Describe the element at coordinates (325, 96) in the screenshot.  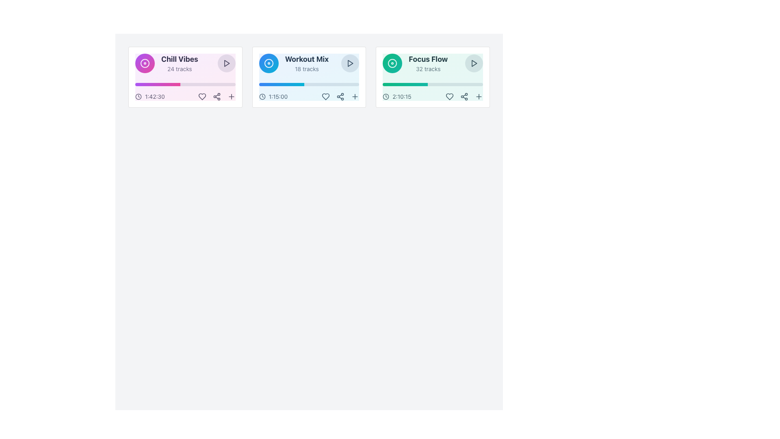
I see `the 'like' or 'favorite' button icon located in the horizontal control bar under the 'Workout Mix' card, which is the second card in the row of cards` at that location.